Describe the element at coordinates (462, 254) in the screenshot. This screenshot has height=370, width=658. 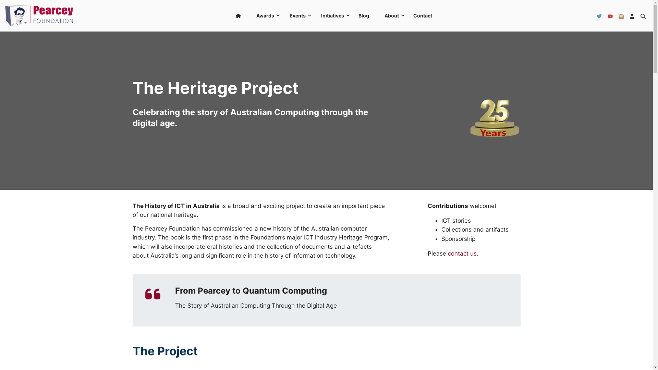
I see `'contact us'` at that location.